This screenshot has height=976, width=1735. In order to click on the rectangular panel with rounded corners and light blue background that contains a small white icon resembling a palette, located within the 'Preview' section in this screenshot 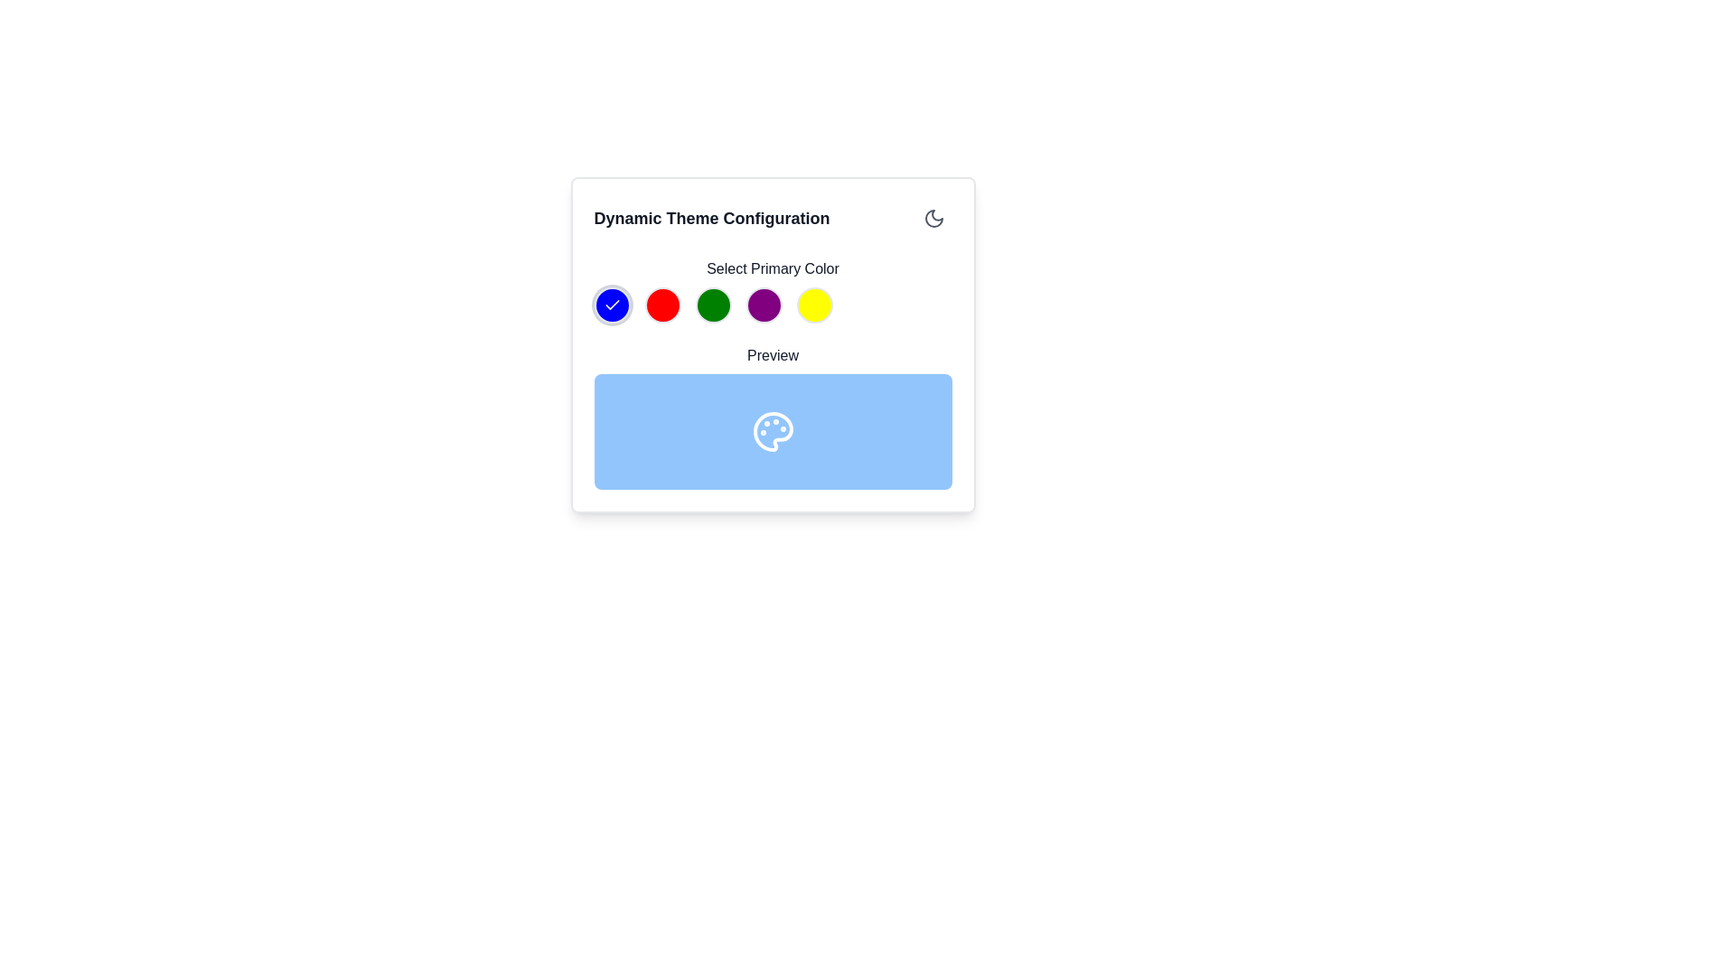, I will do `click(773, 432)`.